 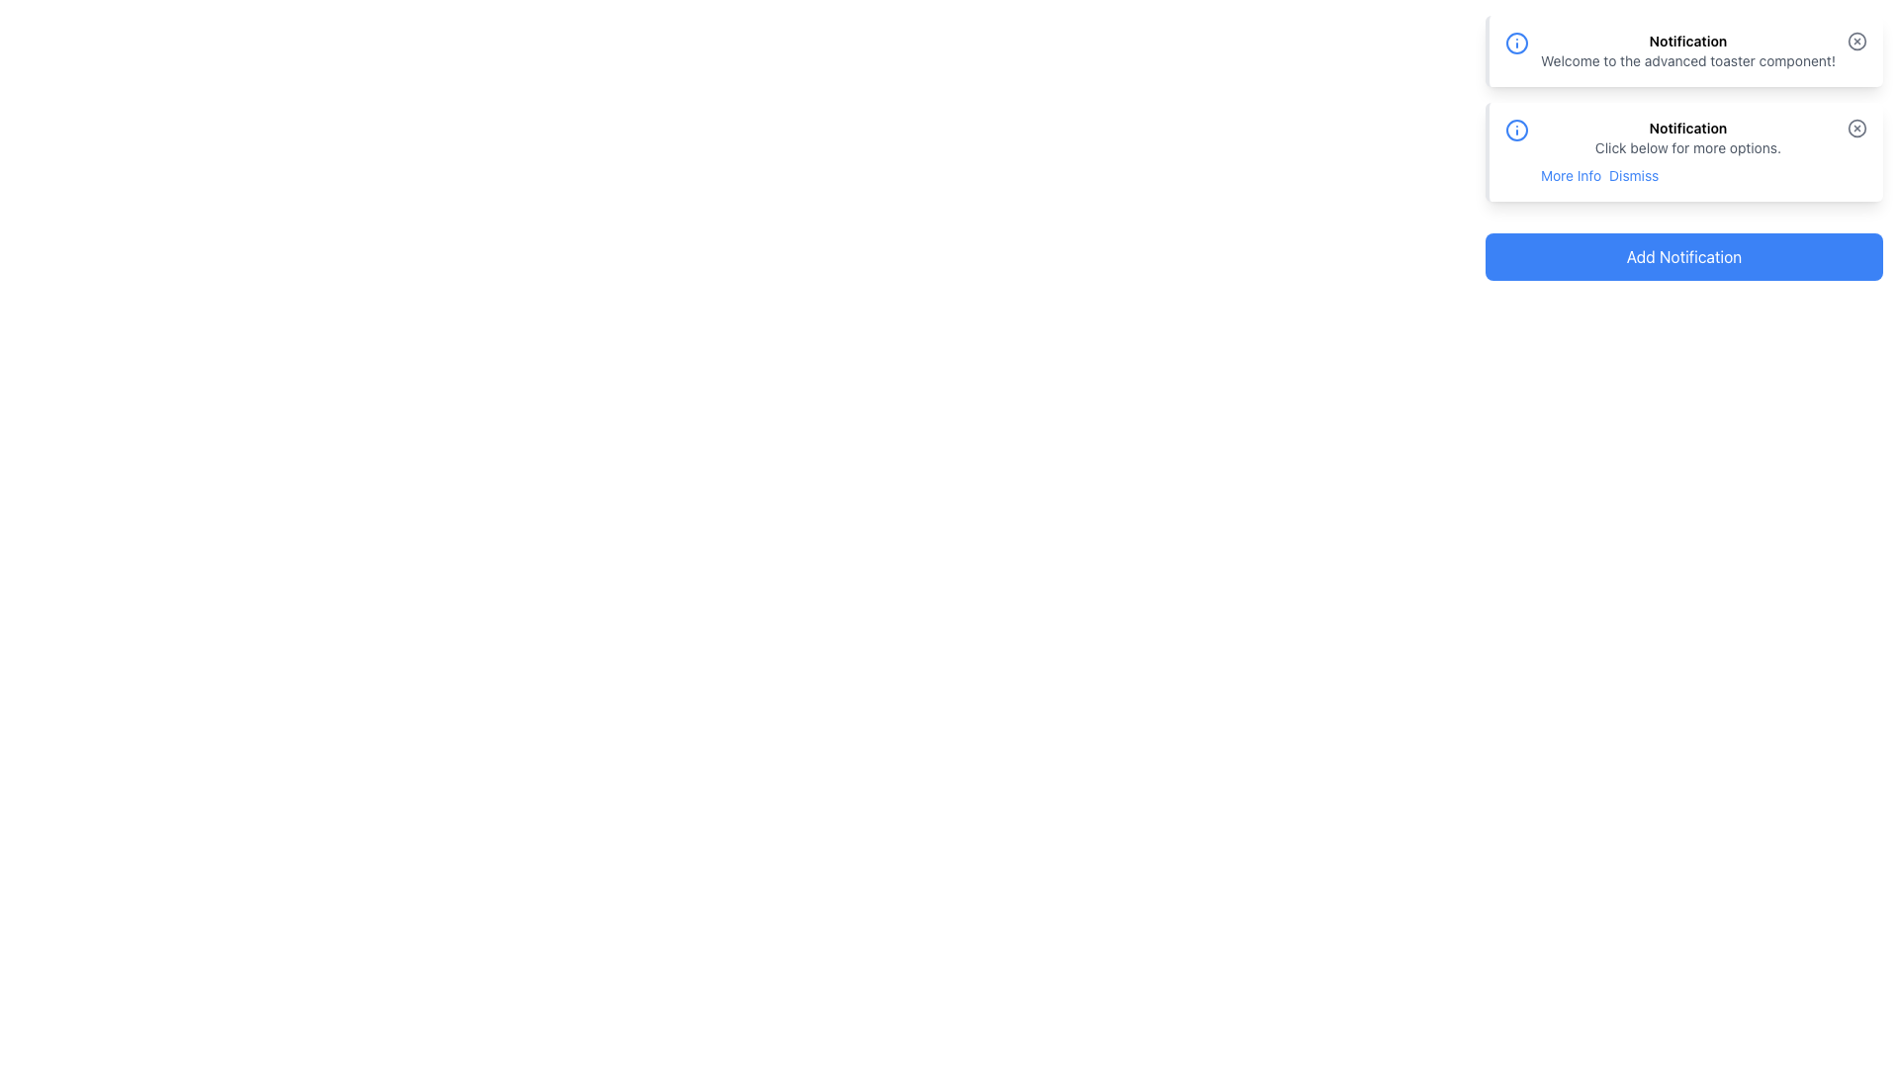 I want to click on the circular element located in the top-right corner of the notification box within the SVG graphic, so click(x=1855, y=42).